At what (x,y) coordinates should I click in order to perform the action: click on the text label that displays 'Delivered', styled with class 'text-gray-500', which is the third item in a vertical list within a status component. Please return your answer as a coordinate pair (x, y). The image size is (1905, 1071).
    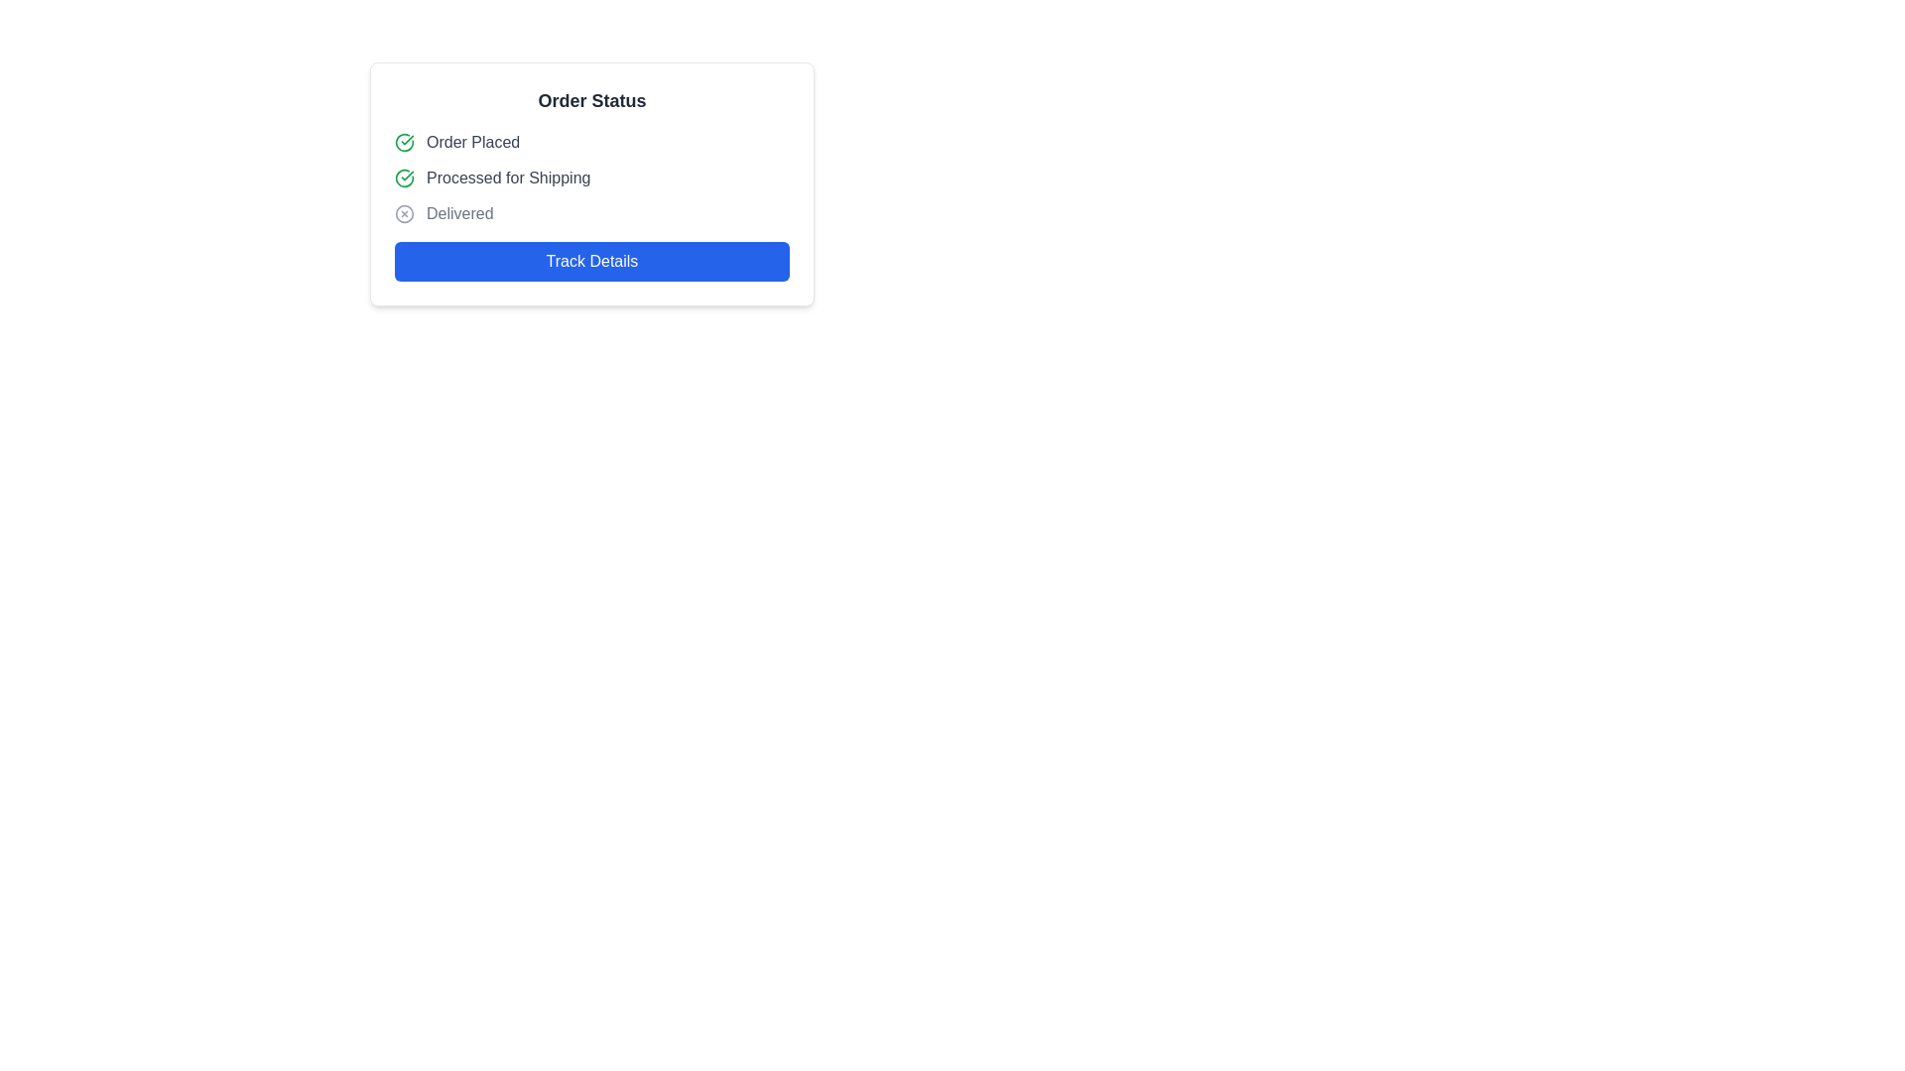
    Looking at the image, I should click on (458, 214).